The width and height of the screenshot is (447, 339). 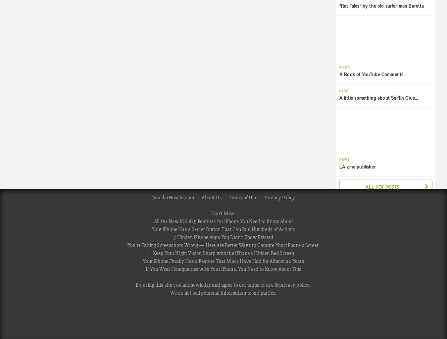 I want to click on '7 Hidden iPhone Apps You Didn’t Know Existed', so click(x=173, y=237).